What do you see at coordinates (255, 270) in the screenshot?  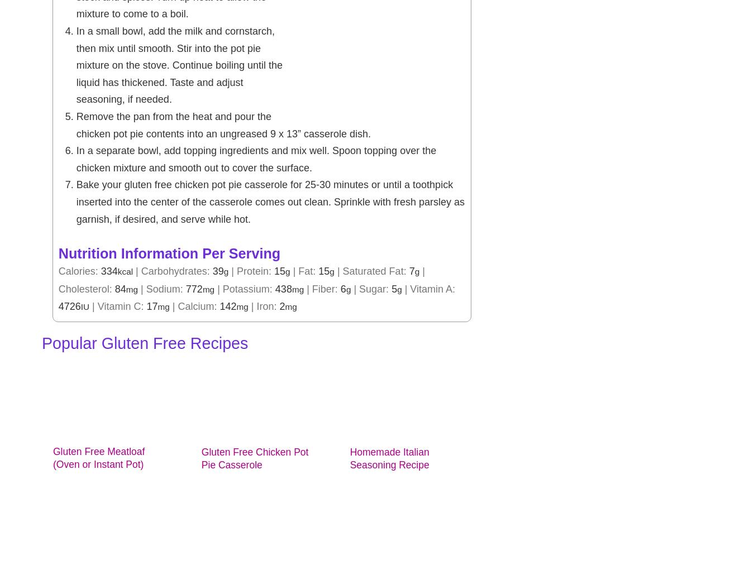 I see `'Protein:'` at bounding box center [255, 270].